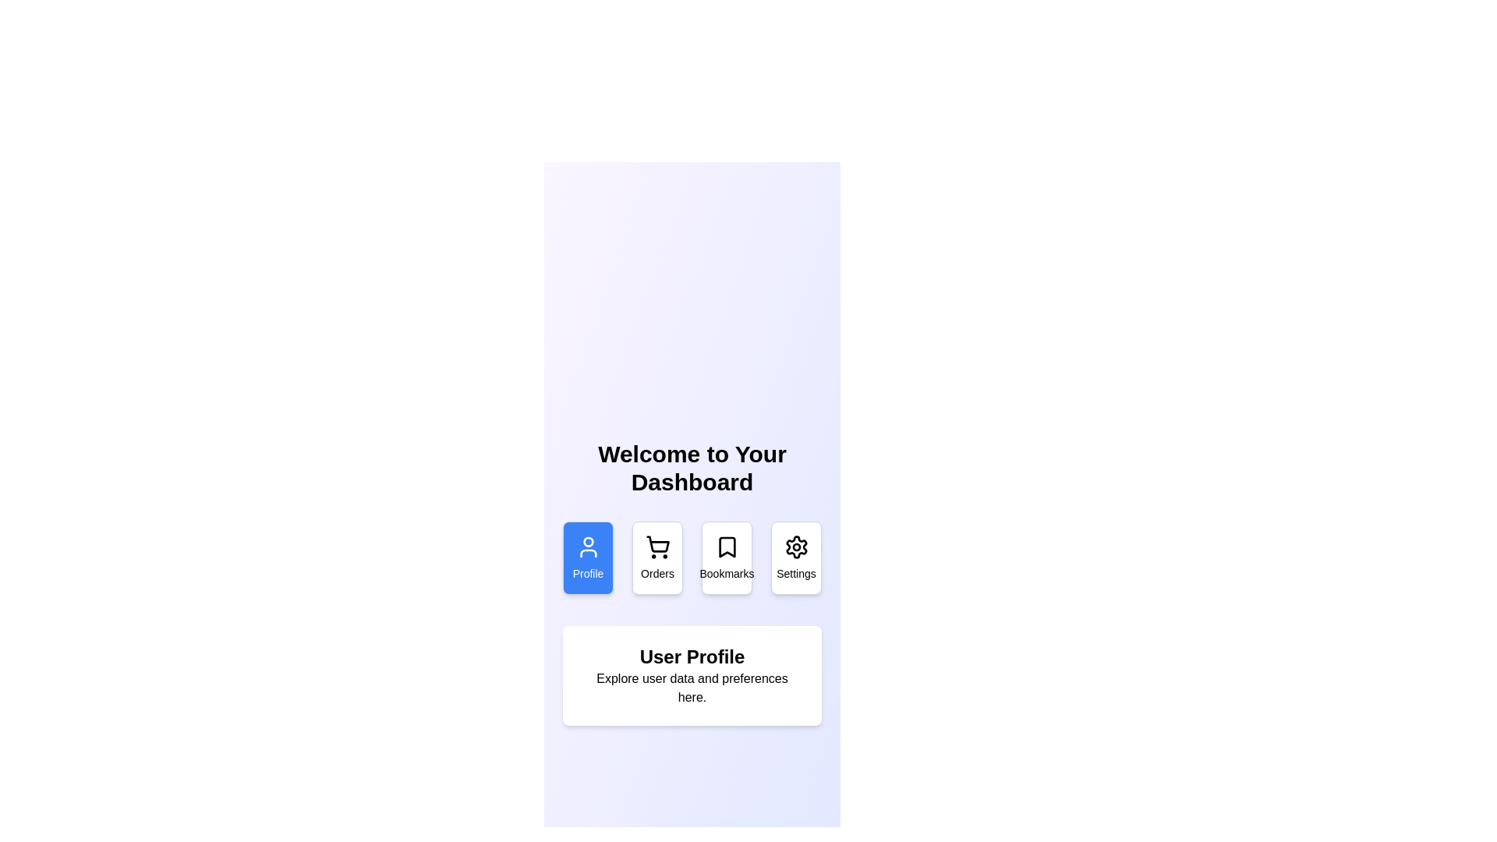  What do you see at coordinates (796, 557) in the screenshot?
I see `the 'Settings' navigation button, which is the rightmost button in a horizontal row` at bounding box center [796, 557].